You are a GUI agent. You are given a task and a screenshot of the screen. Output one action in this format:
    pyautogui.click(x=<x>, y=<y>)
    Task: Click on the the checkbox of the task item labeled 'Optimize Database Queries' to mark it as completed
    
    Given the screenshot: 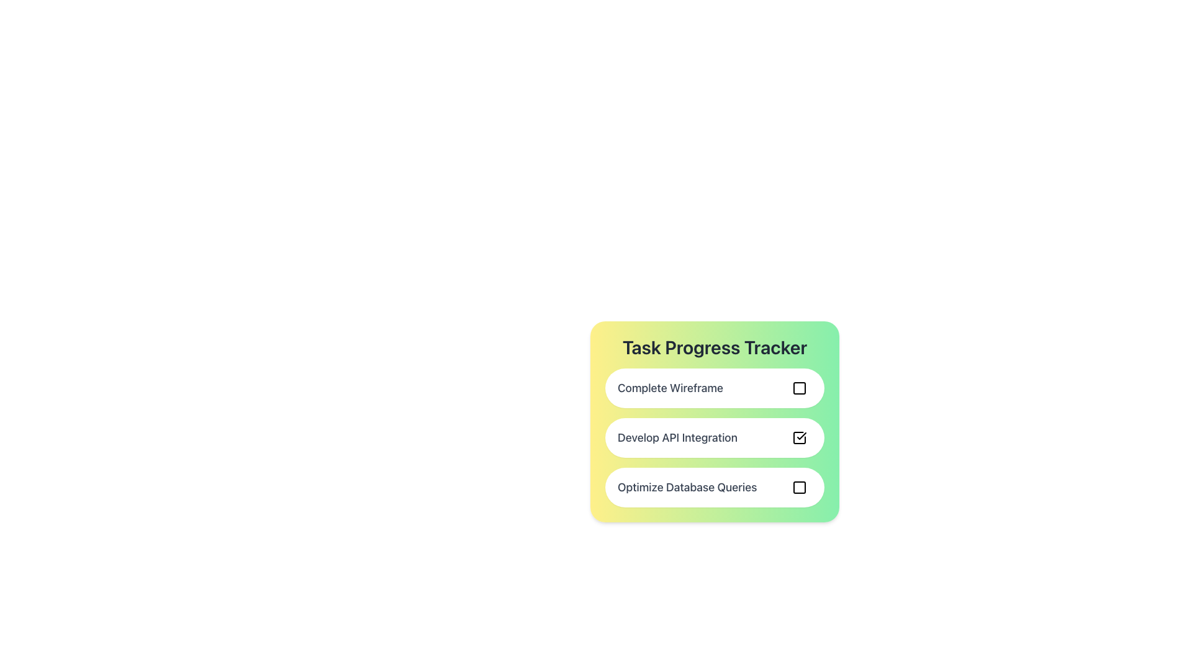 What is the action you would take?
    pyautogui.click(x=715, y=487)
    